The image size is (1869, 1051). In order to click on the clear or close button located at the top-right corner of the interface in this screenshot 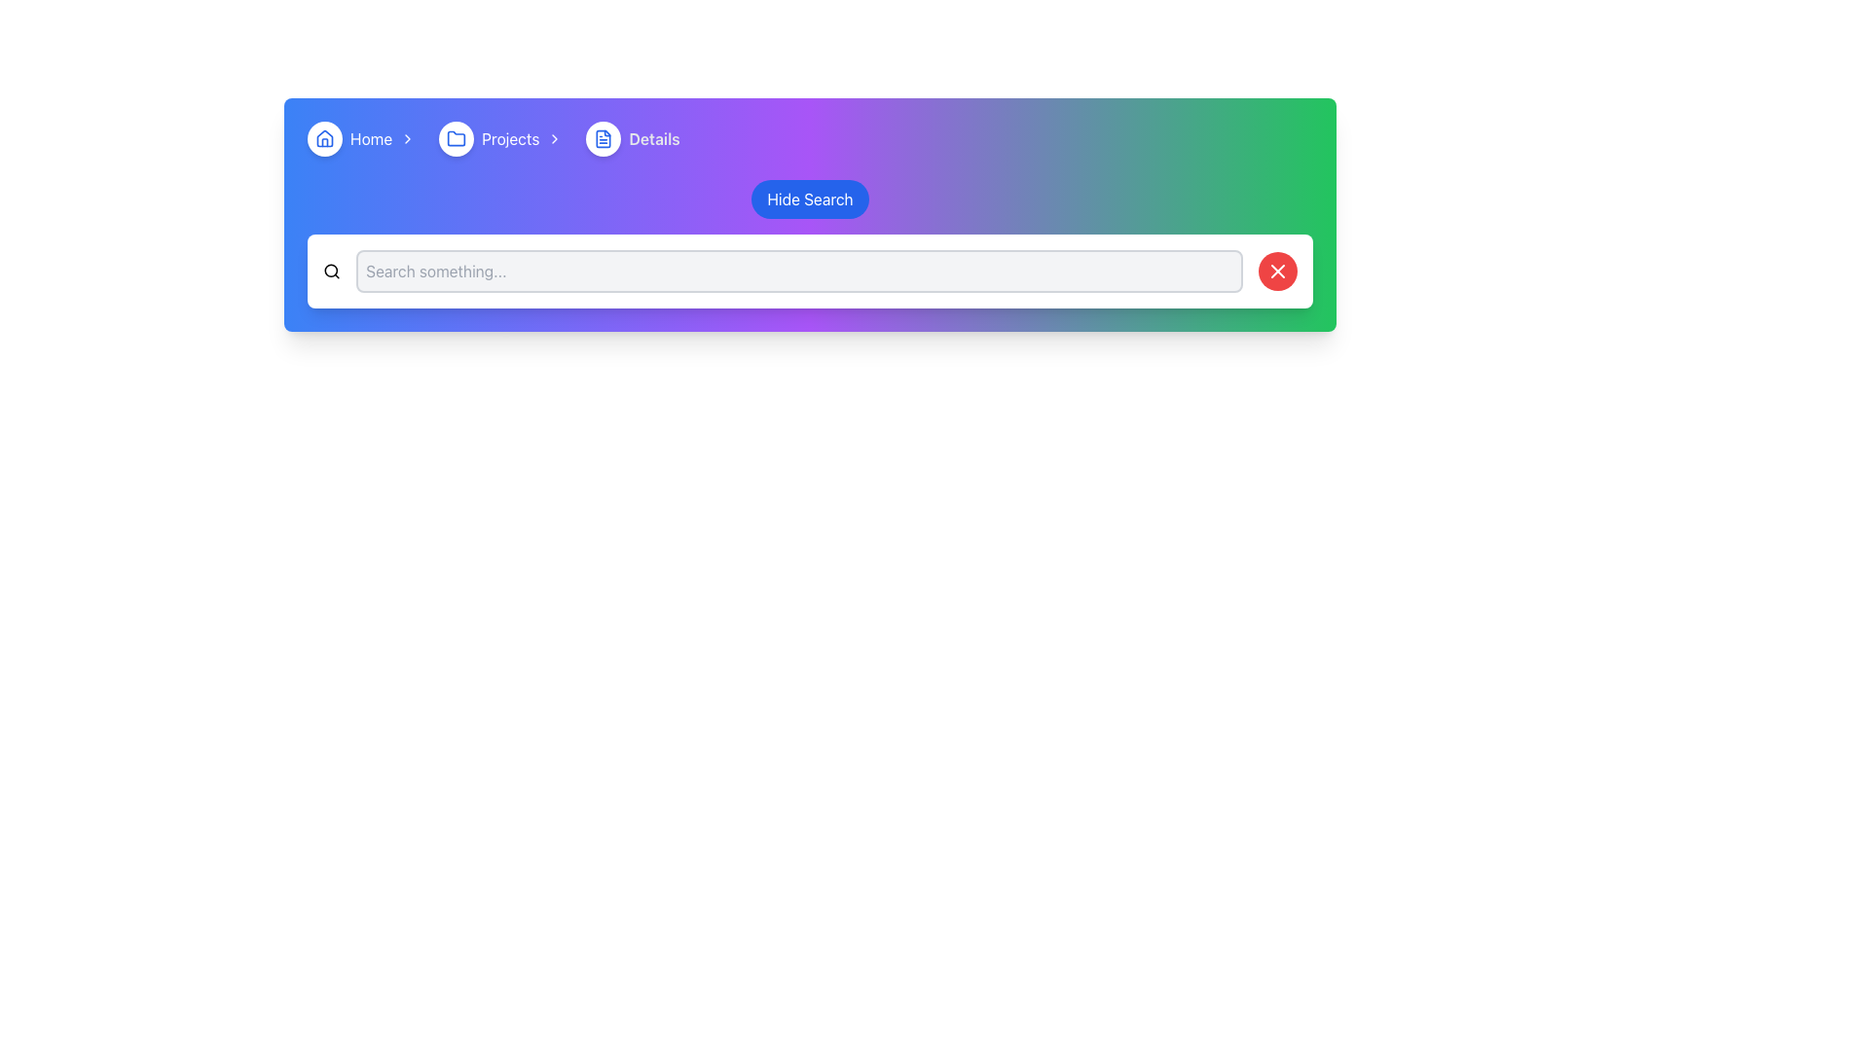, I will do `click(1278, 271)`.